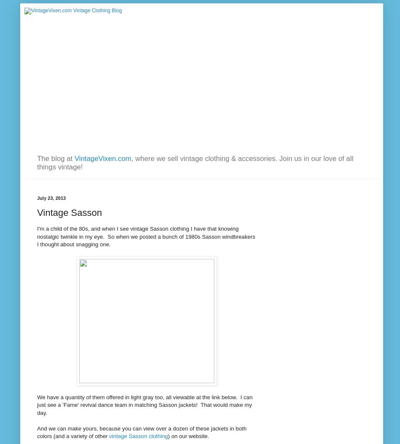 The height and width of the screenshot is (444, 400). Describe the element at coordinates (144, 404) in the screenshot. I see `'We have a quantity of them offered in light gray too, all viewable at the link below.  I can just see a 'Fame' revival dance team in matching Sasson jackets!  That would make my day.'` at that location.